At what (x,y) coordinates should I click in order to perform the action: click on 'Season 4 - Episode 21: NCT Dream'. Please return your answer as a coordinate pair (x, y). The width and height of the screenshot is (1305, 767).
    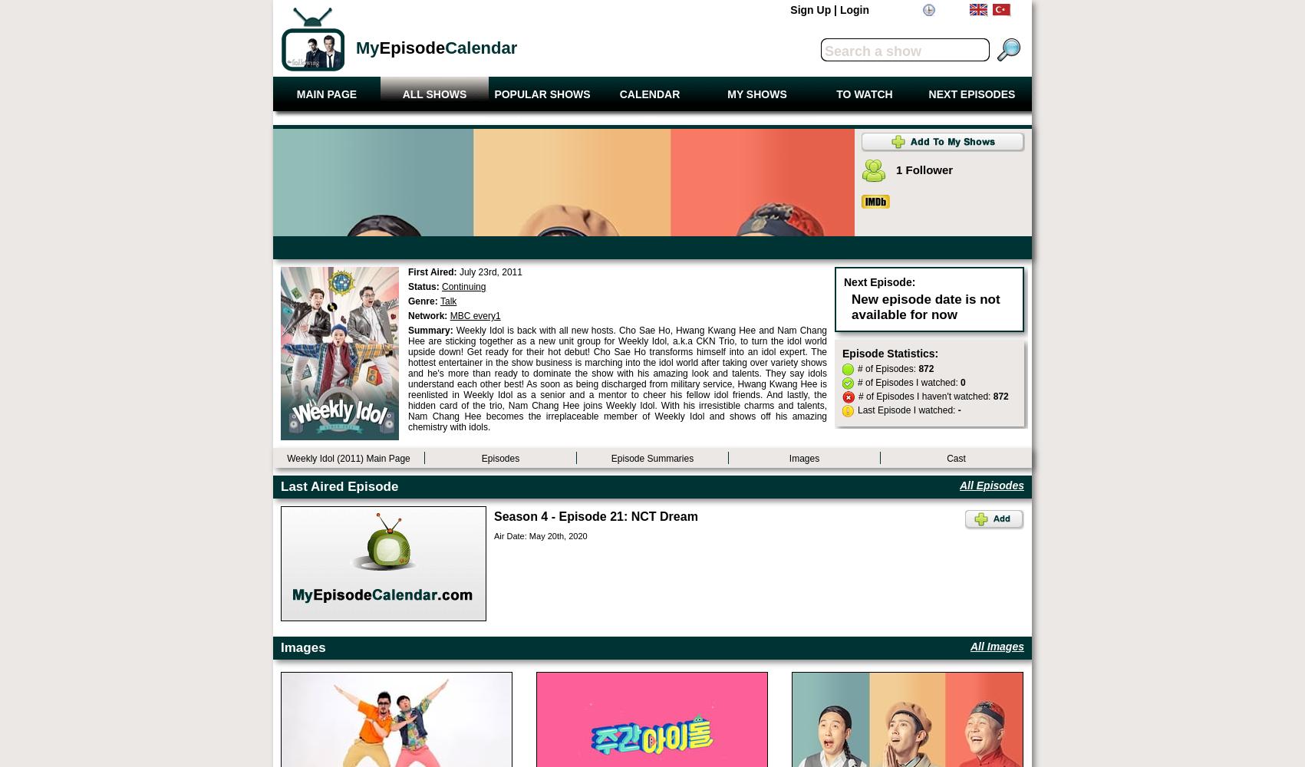
    Looking at the image, I should click on (595, 516).